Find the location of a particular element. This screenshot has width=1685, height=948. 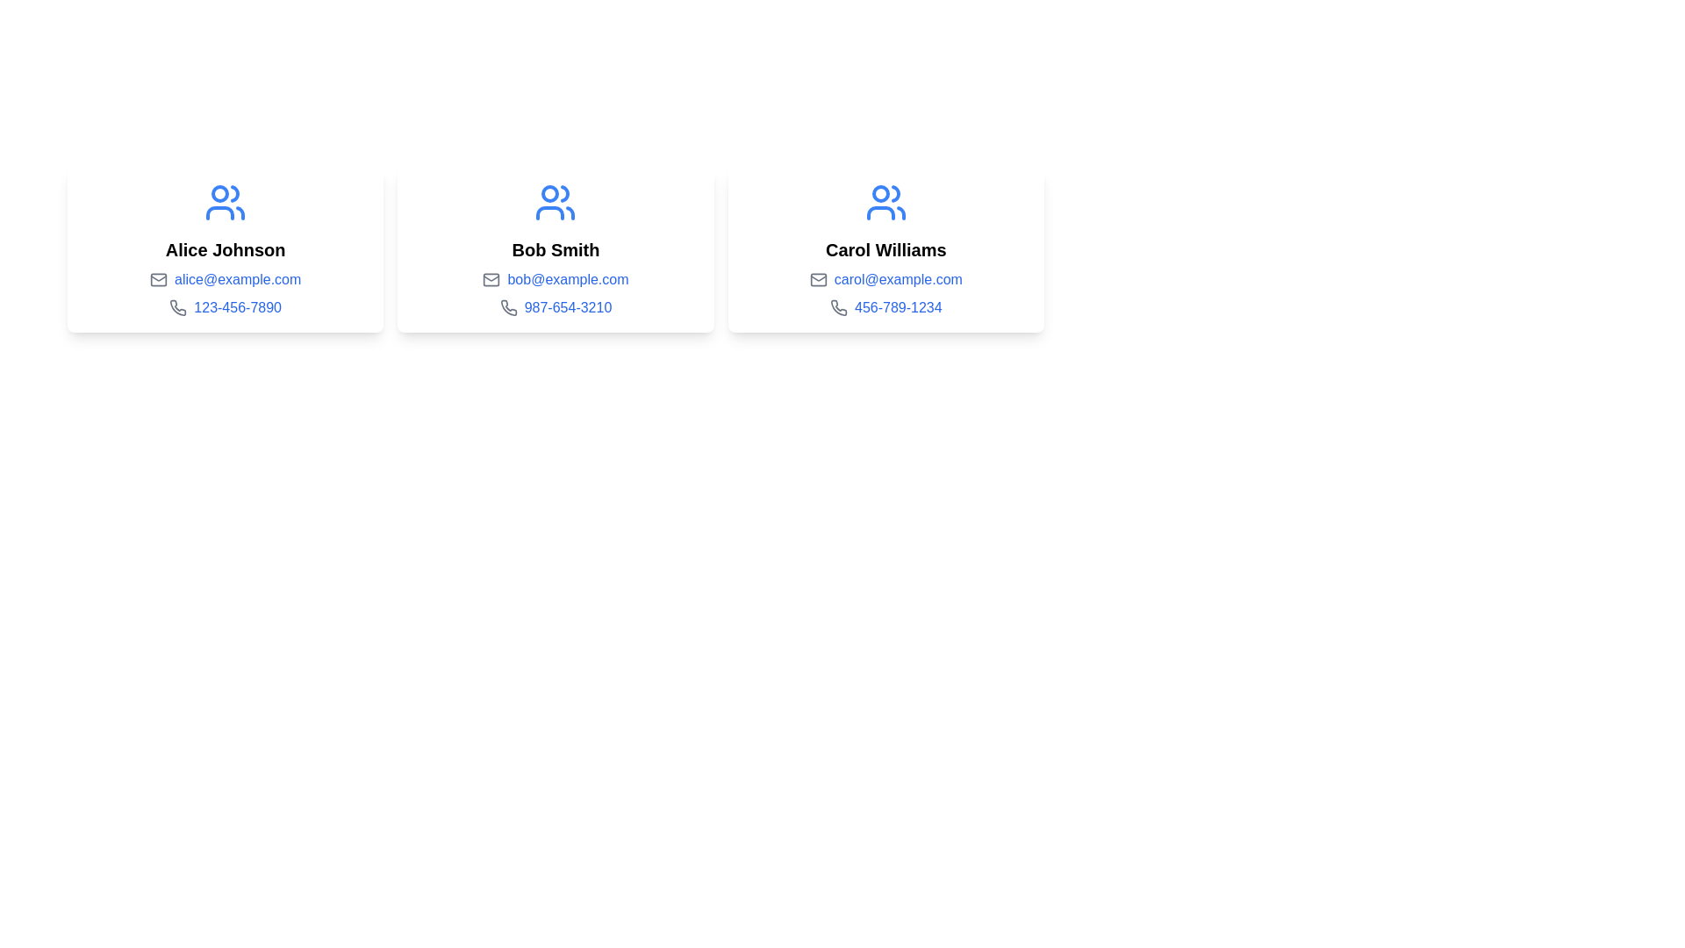

the Decorative icon representing 'Bob Smith's context', which is located at the top of the card displaying information for him is located at coordinates (555, 202).